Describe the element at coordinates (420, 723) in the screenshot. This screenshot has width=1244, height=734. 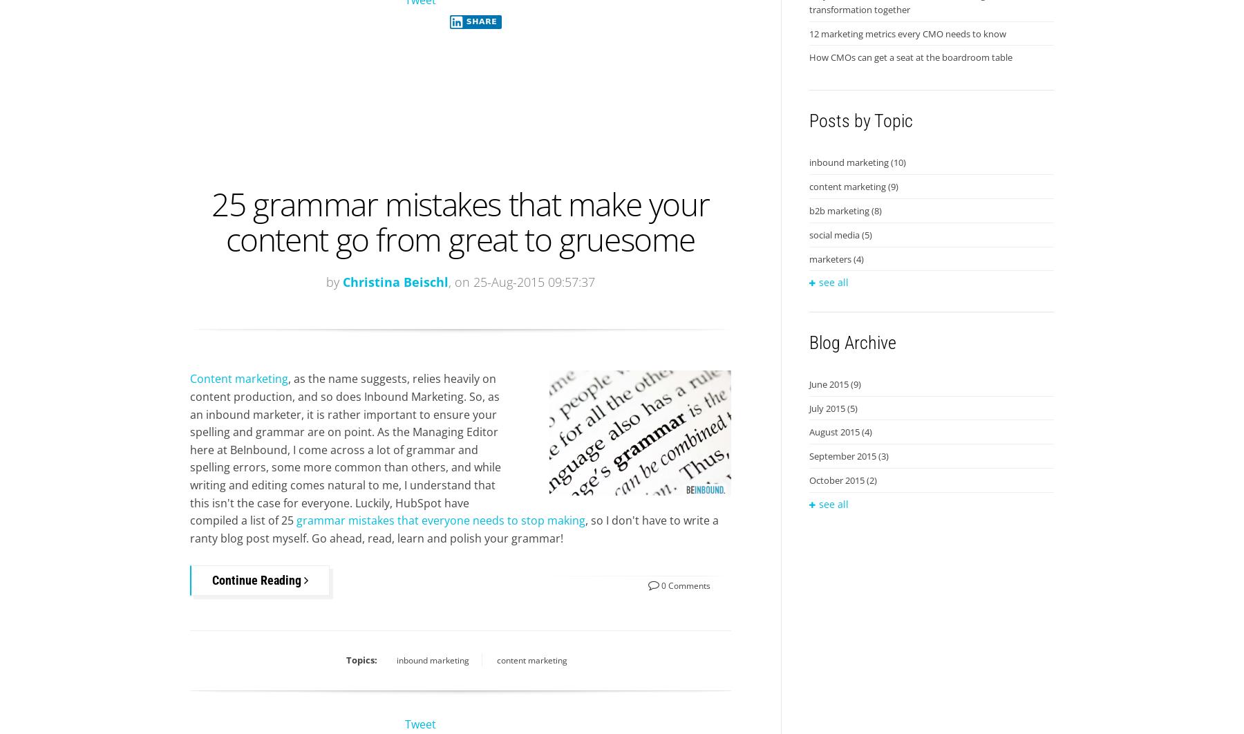
I see `'Tweet'` at that location.